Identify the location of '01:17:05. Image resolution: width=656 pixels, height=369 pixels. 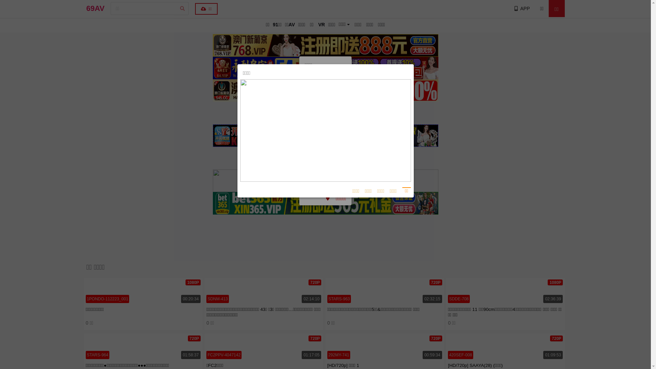
(263, 347).